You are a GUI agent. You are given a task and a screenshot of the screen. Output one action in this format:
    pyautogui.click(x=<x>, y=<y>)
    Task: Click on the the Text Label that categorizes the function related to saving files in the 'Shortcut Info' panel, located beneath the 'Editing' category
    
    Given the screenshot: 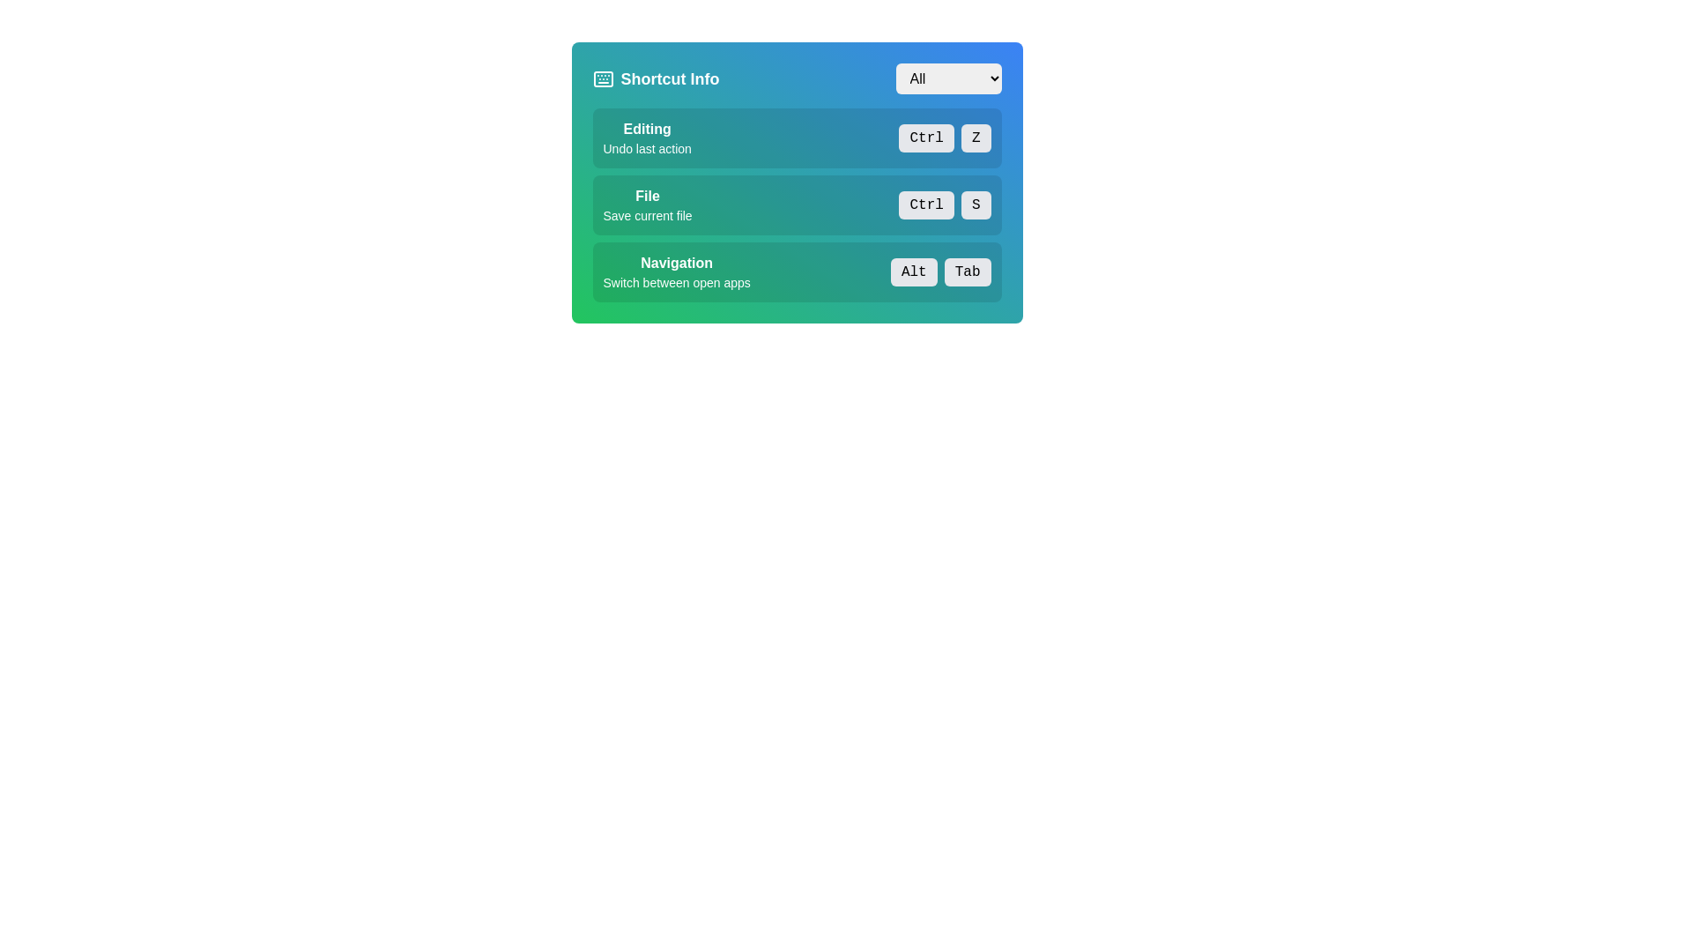 What is the action you would take?
    pyautogui.click(x=647, y=197)
    